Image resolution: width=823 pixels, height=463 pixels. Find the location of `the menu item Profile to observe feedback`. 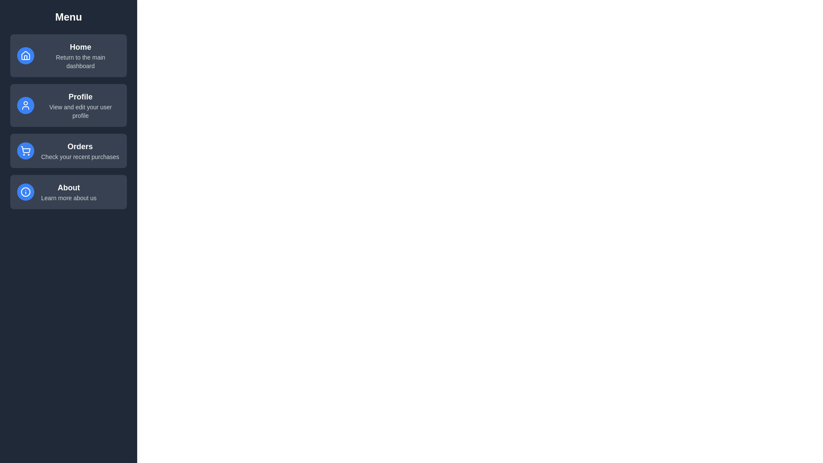

the menu item Profile to observe feedback is located at coordinates (68, 105).